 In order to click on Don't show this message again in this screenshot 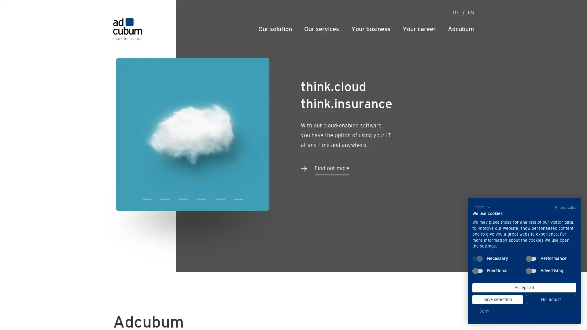, I will do `click(341, 4)`.